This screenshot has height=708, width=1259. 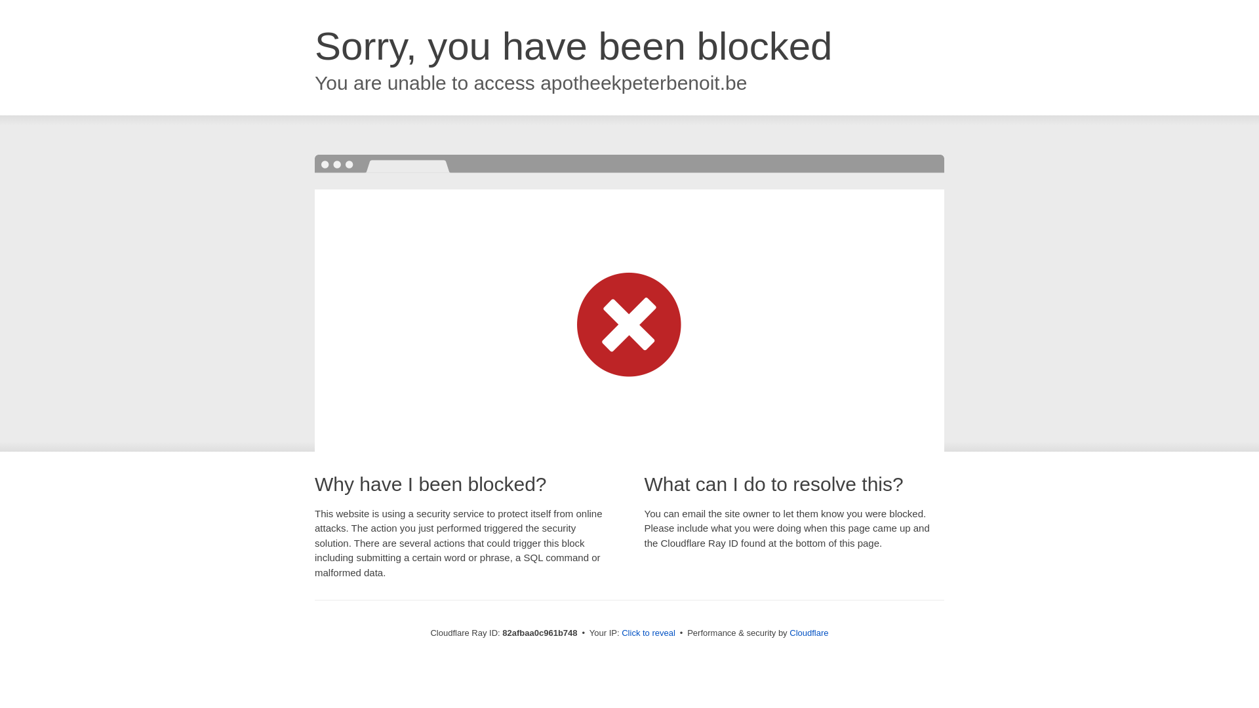 I want to click on 'Cloudflare', so click(x=789, y=632).